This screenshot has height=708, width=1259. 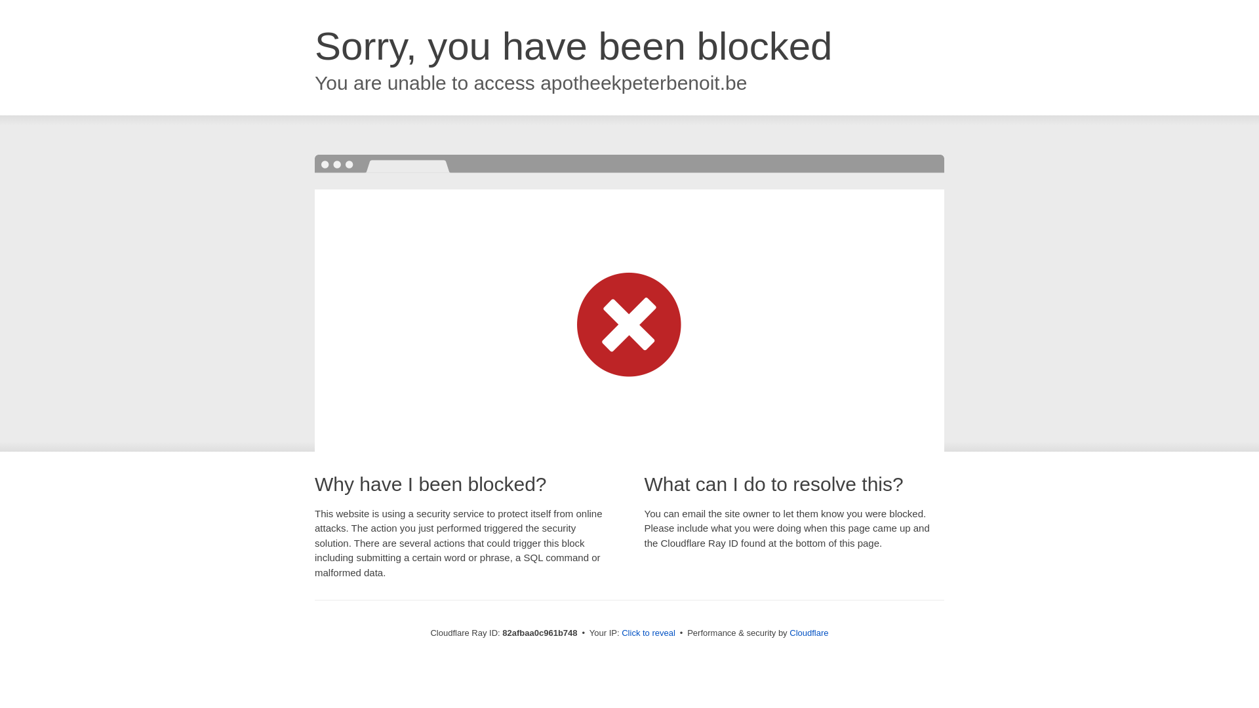 I want to click on 'Cloudflare', so click(x=789, y=632).